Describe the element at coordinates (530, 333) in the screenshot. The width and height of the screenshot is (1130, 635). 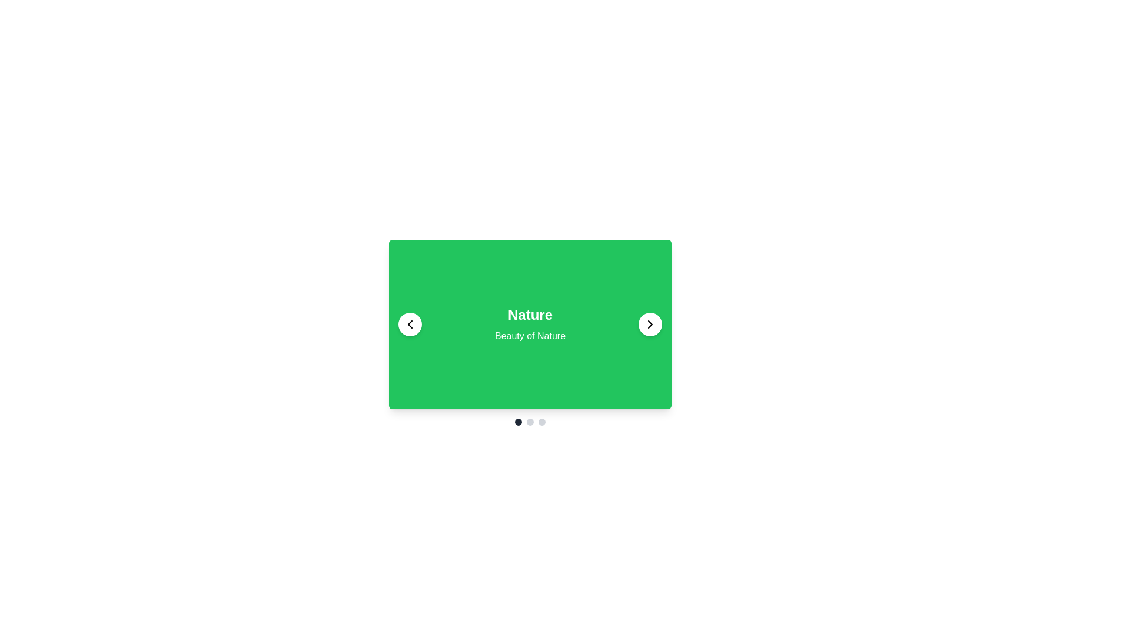
I see `the content panel in the carousel layout` at that location.